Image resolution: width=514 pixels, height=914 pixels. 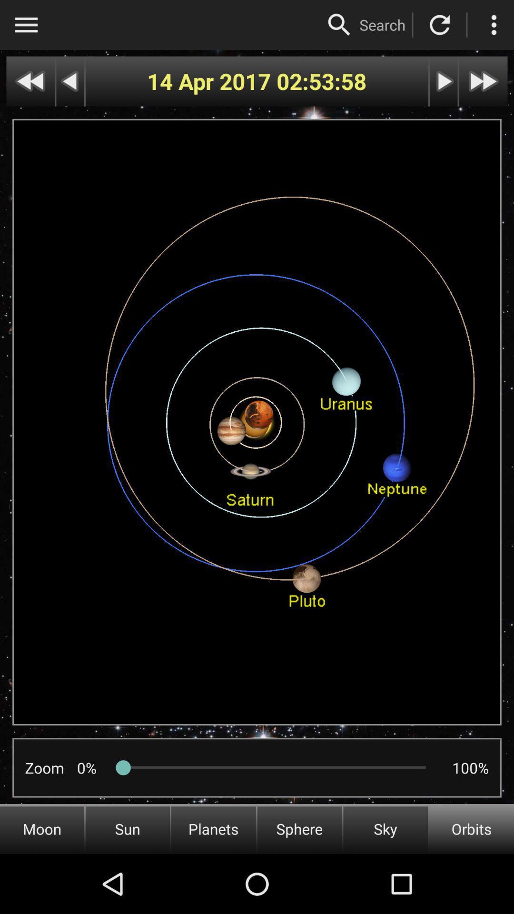 I want to click on the app to the left of the search icon, so click(x=339, y=25).